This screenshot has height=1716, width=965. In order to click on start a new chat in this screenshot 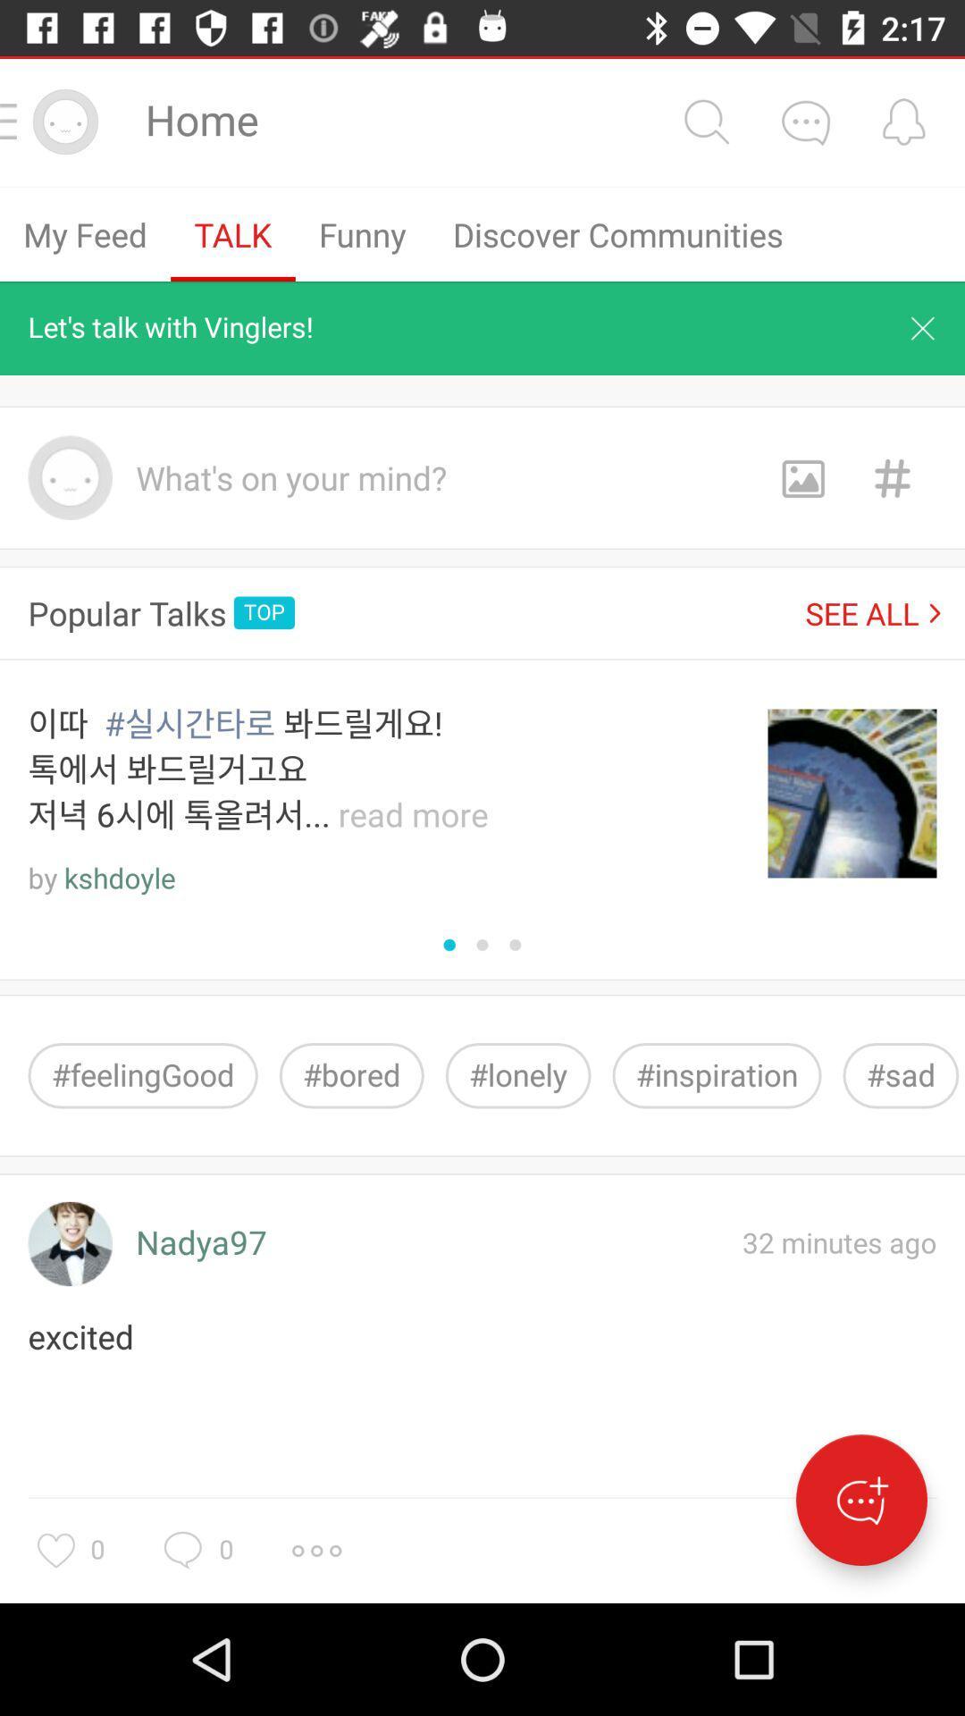, I will do `click(860, 1500)`.